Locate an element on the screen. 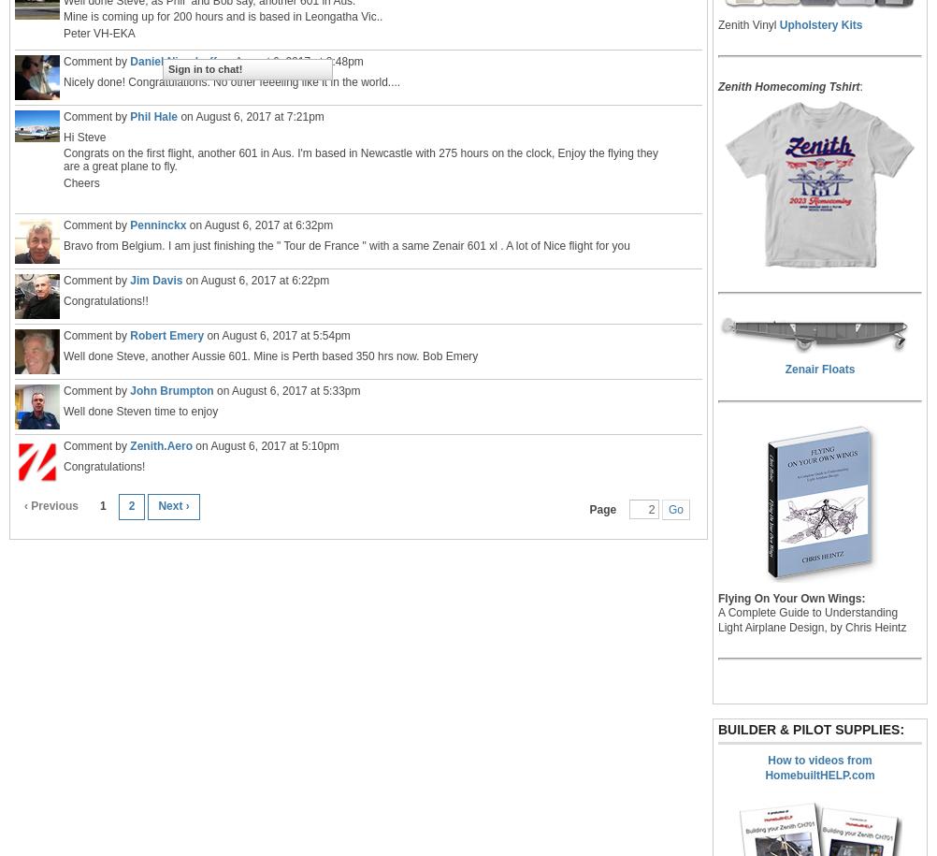  'Flying On Your Own Wings:' is located at coordinates (791, 598).